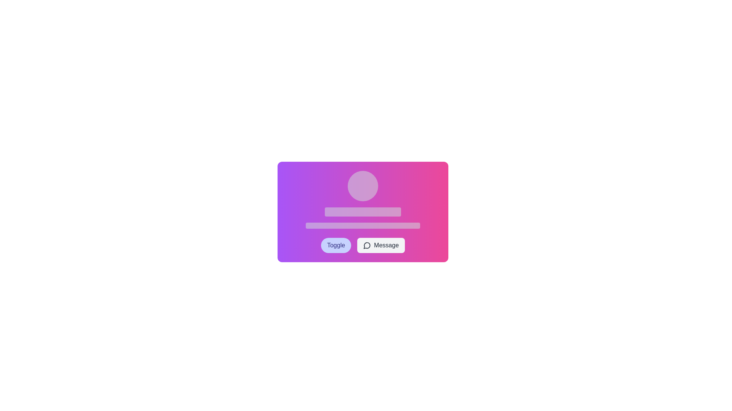 This screenshot has height=411, width=732. Describe the element at coordinates (362, 225) in the screenshot. I see `the Placeholder bar located near the bottom of a group of three vertically-aligned components, directly below a shorter rectangular element and above two buttons` at that location.